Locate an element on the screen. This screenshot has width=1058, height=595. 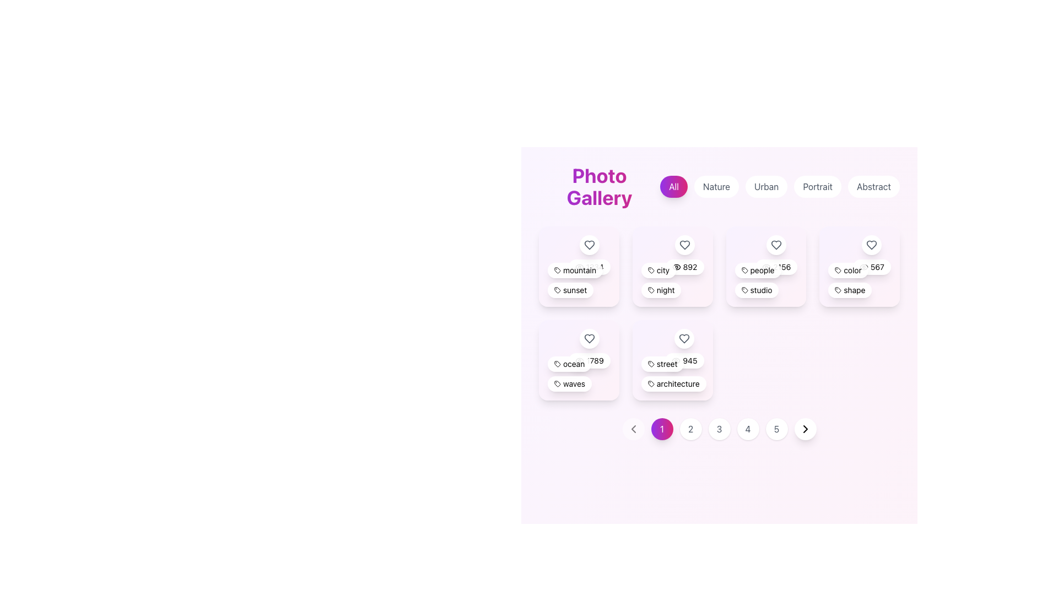
the graphical tag or label icon located in the second position from the left in the top row of the grid layout, which is to the left of the label 'city' and above the numeral '892' is located at coordinates (651, 270).